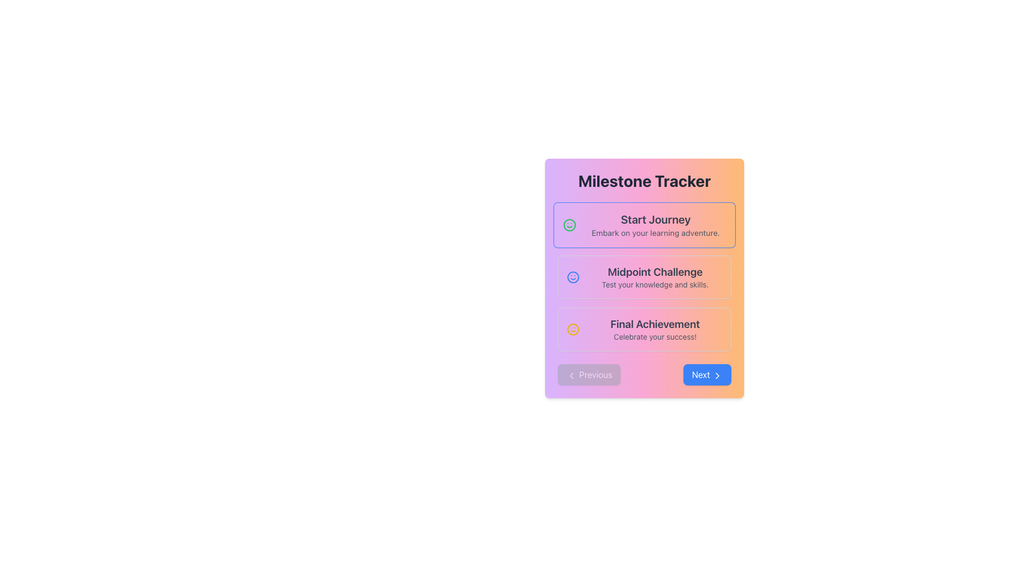 The image size is (1022, 575). I want to click on the blue rectangular button with rounded edges labeled 'Next' to proceed, so click(707, 374).